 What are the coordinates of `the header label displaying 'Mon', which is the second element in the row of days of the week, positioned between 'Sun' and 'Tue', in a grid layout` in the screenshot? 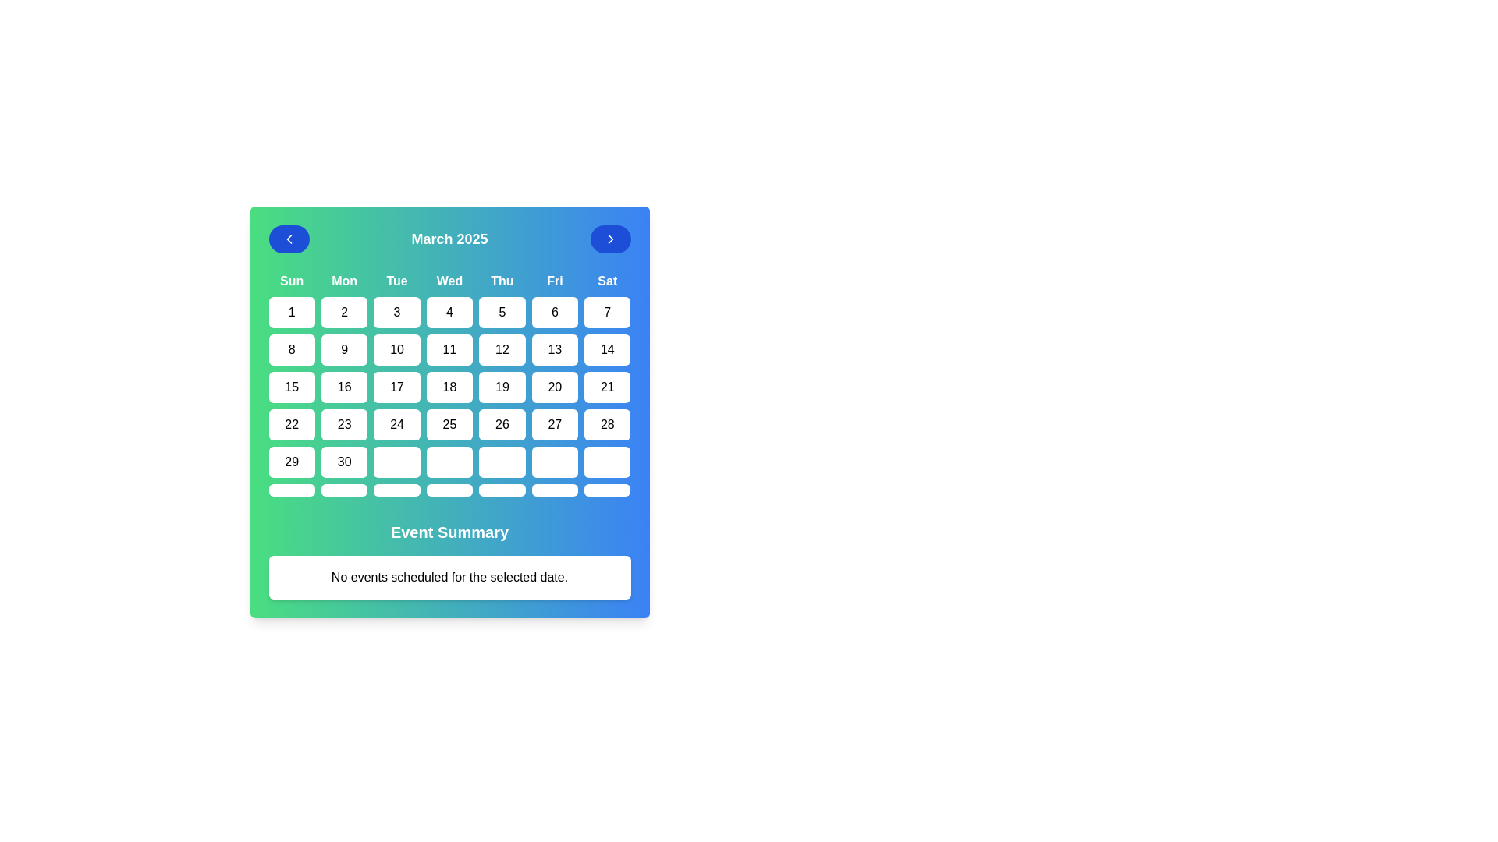 It's located at (343, 281).